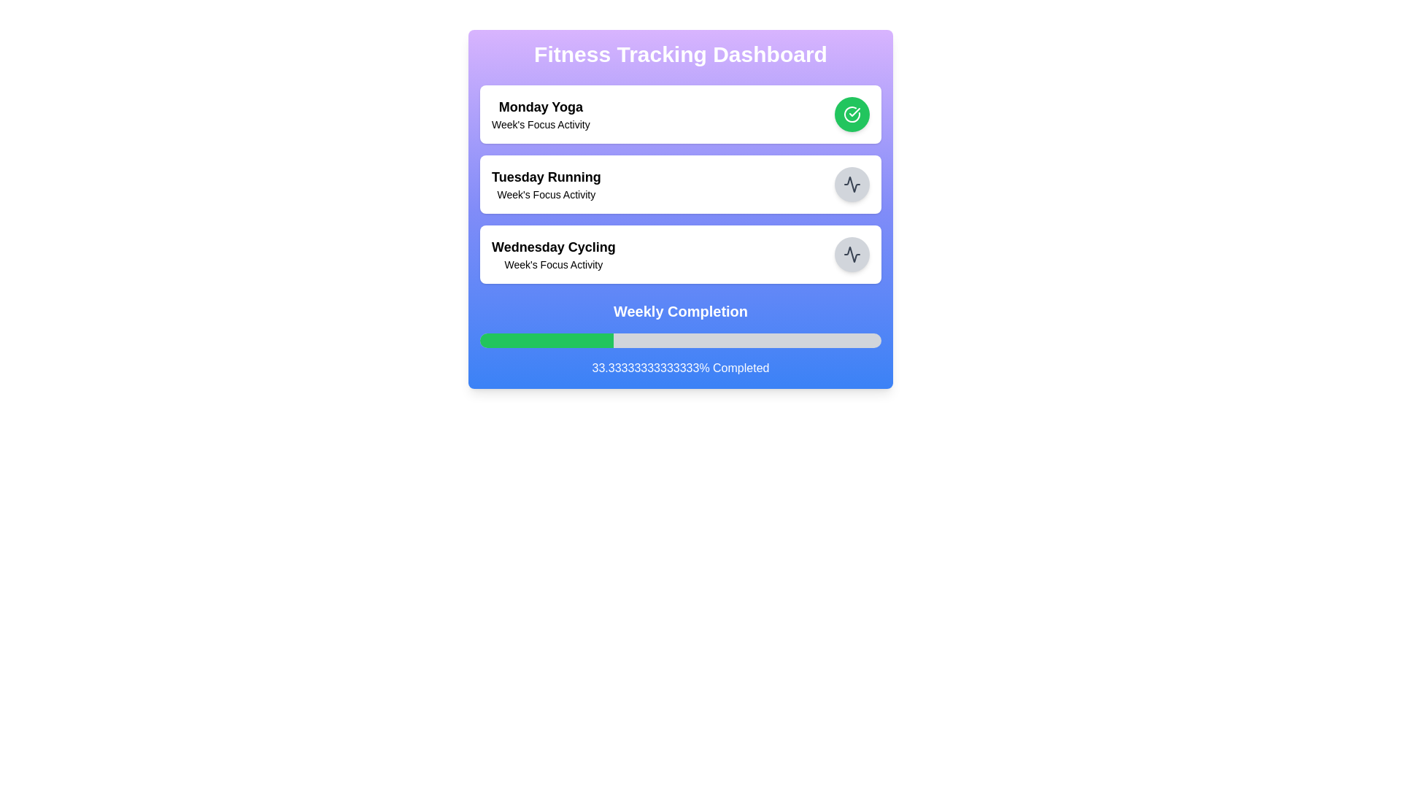 This screenshot has height=788, width=1401. I want to click on the monochrome heart rate icon located in the second activity row titled 'Tuesday Running' on the dashboard, so click(852, 253).